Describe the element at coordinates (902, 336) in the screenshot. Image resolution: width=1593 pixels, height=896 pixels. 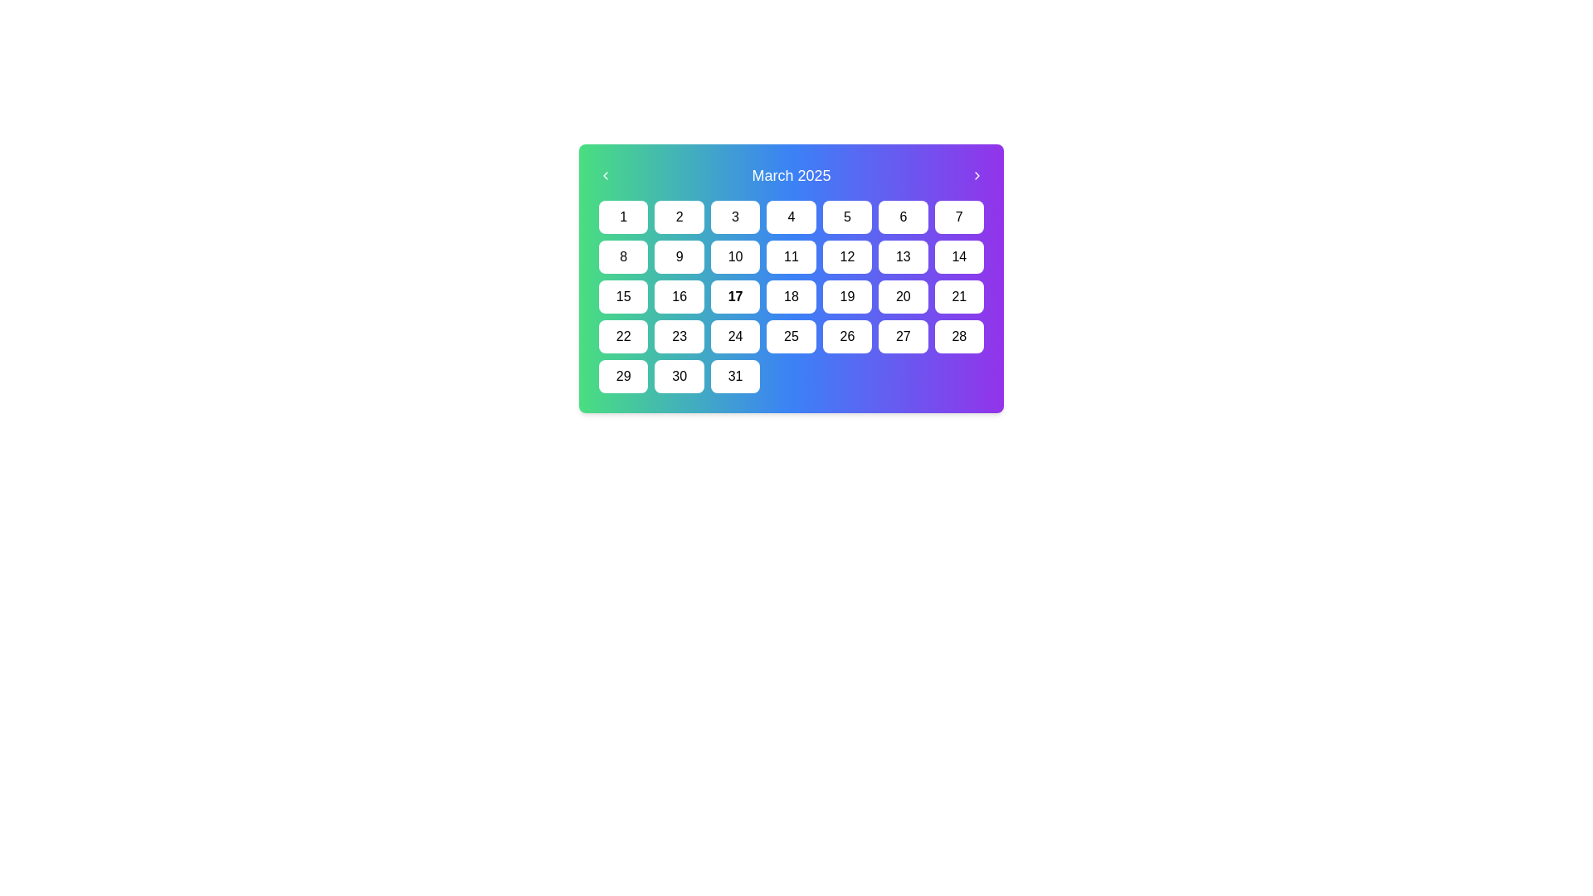
I see `the button representing the 27th day of March 2025 in the calendar interface` at that location.